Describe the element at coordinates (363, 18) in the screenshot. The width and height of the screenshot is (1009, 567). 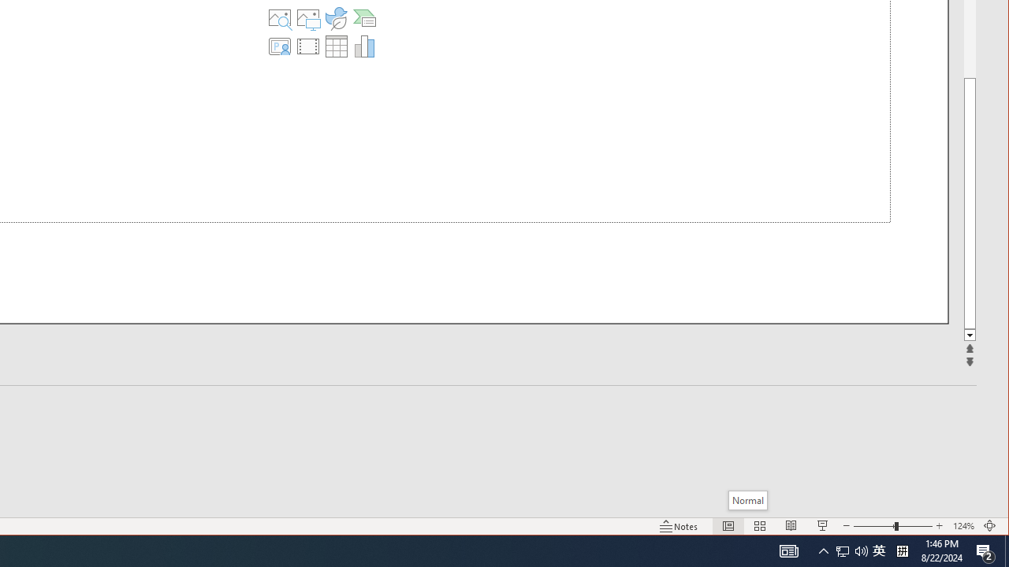
I see `'Insert a SmartArt Graphic'` at that location.